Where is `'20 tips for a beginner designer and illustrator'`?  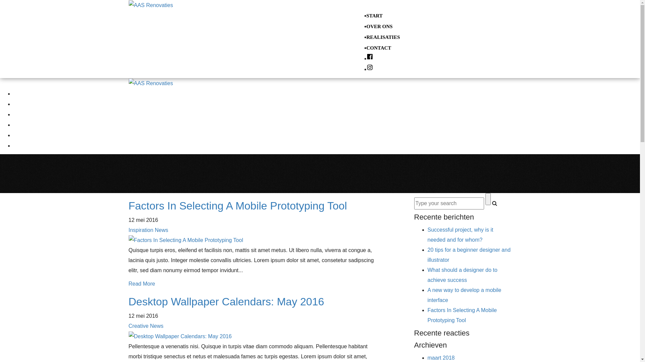
'20 tips for a beginner designer and illustrator' is located at coordinates (468, 255).